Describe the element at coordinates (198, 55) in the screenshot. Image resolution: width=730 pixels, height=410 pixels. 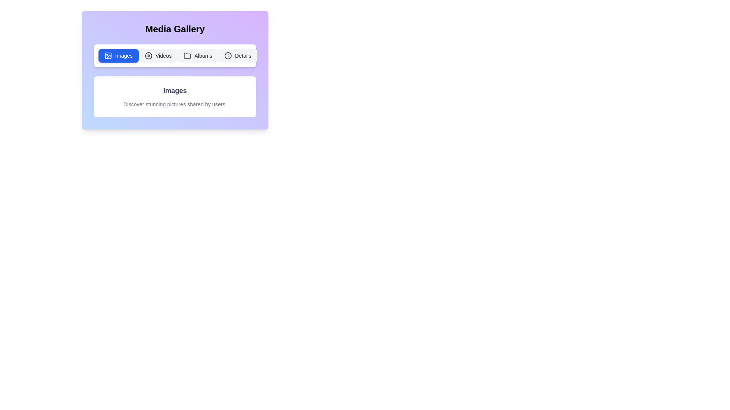
I see `the Albums tab by clicking on its respective button` at that location.